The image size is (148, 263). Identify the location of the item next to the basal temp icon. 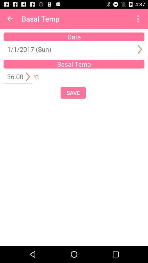
(10, 19).